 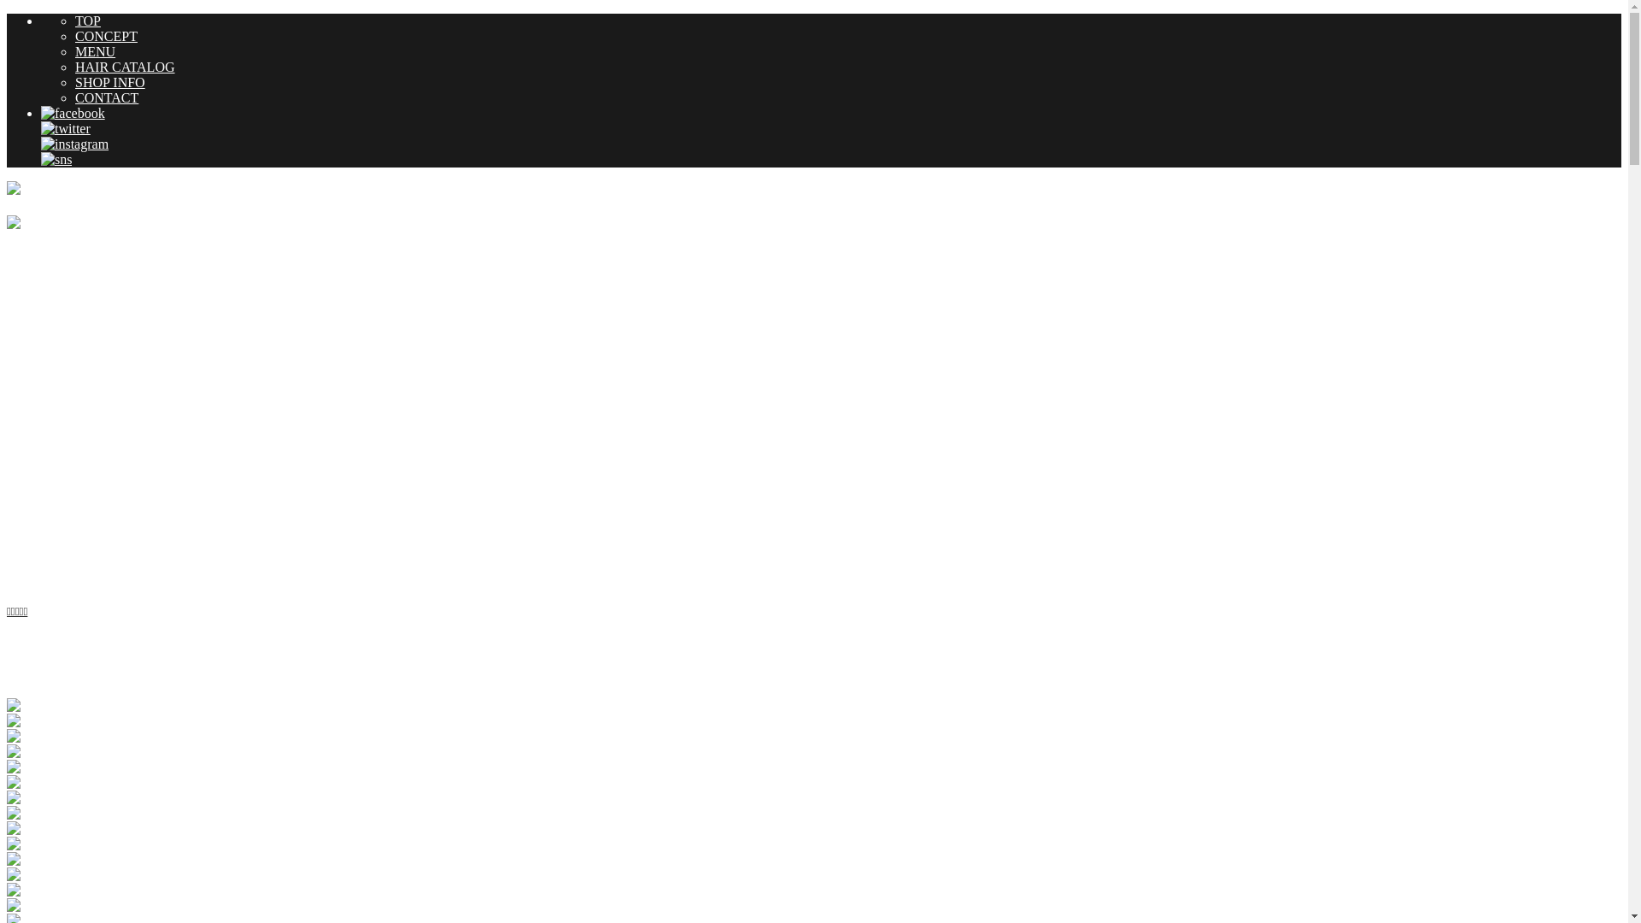 I want to click on 'MENU', so click(x=94, y=50).